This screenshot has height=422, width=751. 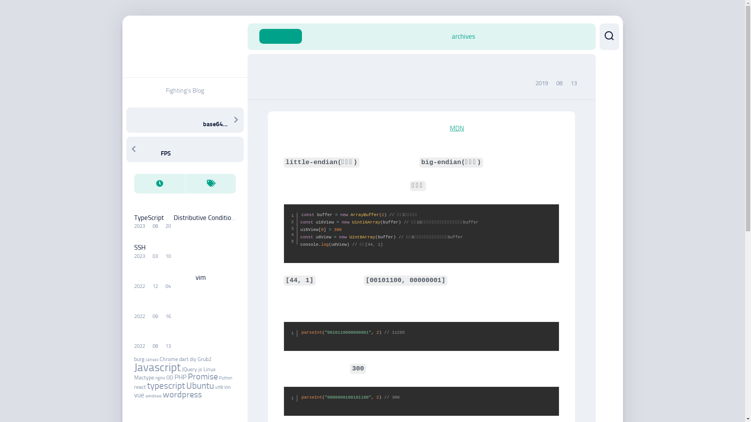 I want to click on 'vue', so click(x=139, y=395).